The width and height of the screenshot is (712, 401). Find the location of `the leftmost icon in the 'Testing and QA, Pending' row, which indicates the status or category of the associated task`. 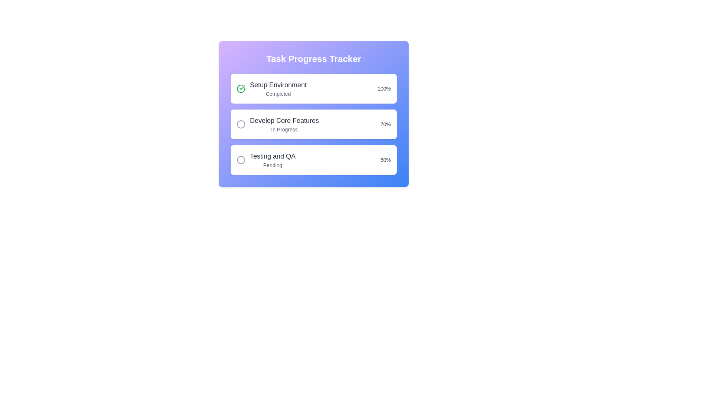

the leftmost icon in the 'Testing and QA, Pending' row, which indicates the status or category of the associated task is located at coordinates (241, 160).